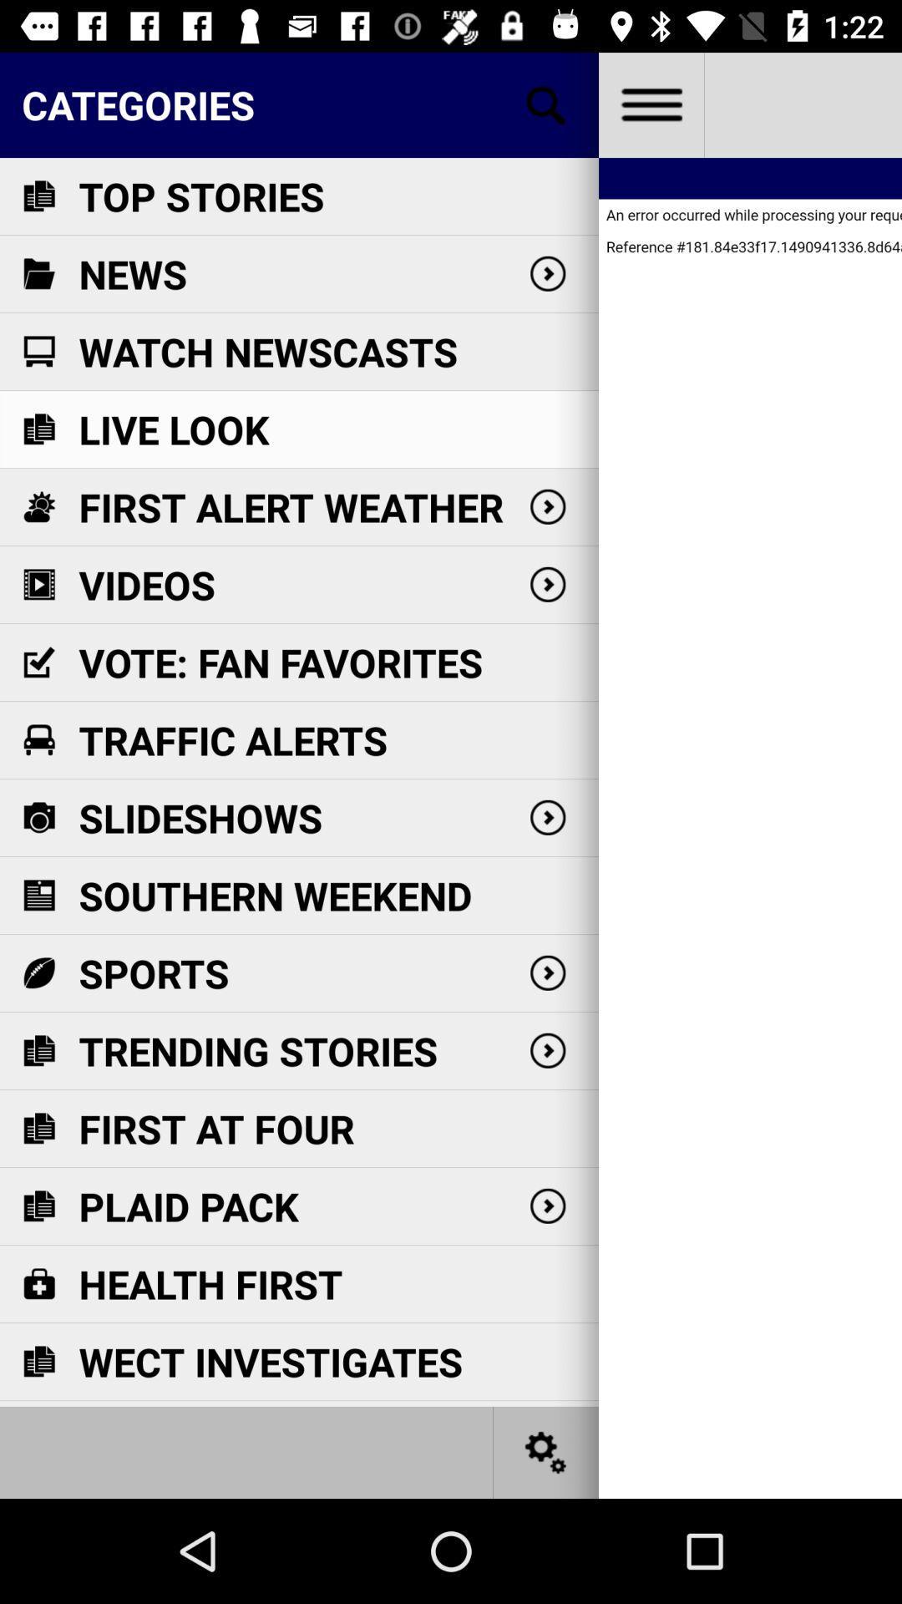 The image size is (902, 1604). I want to click on the search icon, so click(546, 104).